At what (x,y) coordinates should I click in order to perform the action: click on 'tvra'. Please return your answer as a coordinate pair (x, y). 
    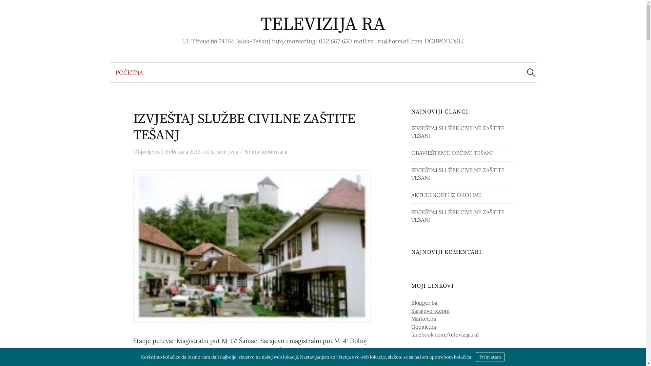
    Looking at the image, I should click on (233, 151).